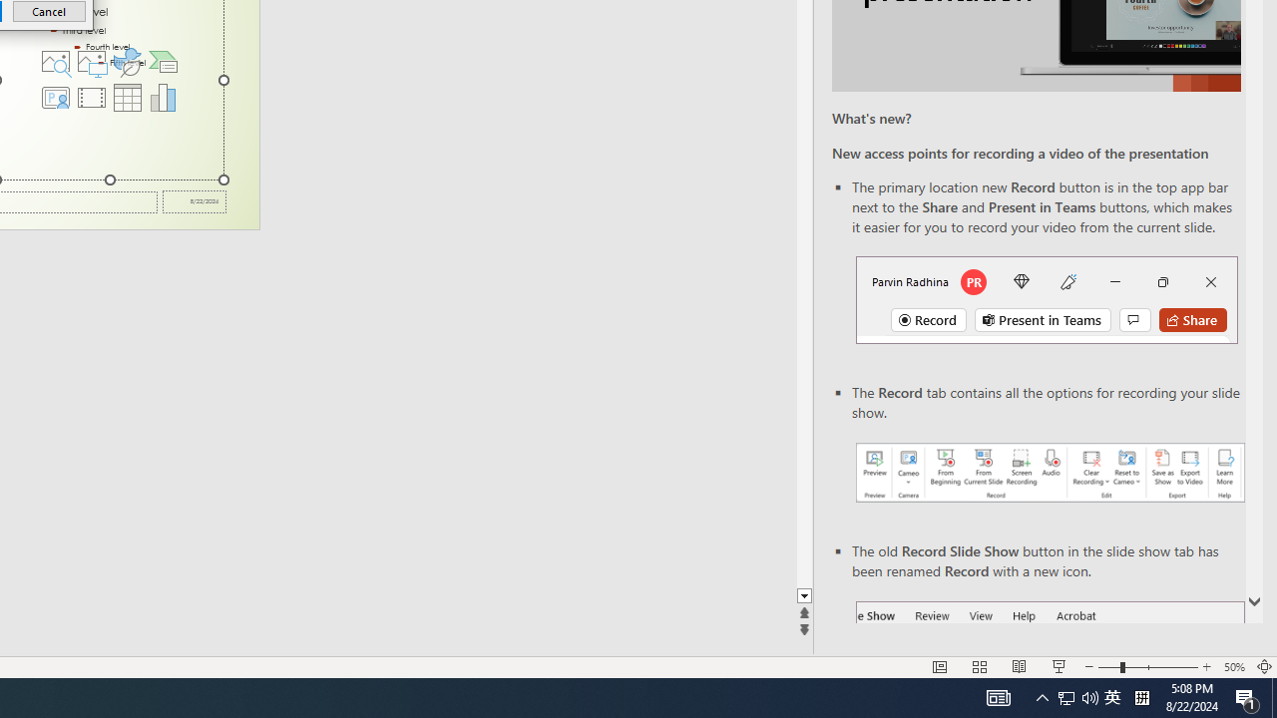  Describe the element at coordinates (1049, 473) in the screenshot. I see `'Record your presentations screenshot one'` at that location.